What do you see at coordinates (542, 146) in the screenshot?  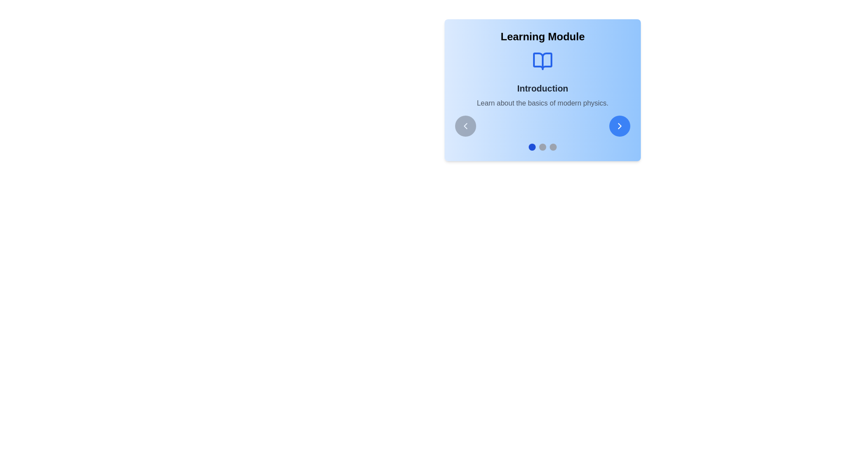 I see `the middle gray circular indicator of the Navigation indicator located at the bottom of the card below the text 'Learn about the basics of modern physics.'` at bounding box center [542, 146].